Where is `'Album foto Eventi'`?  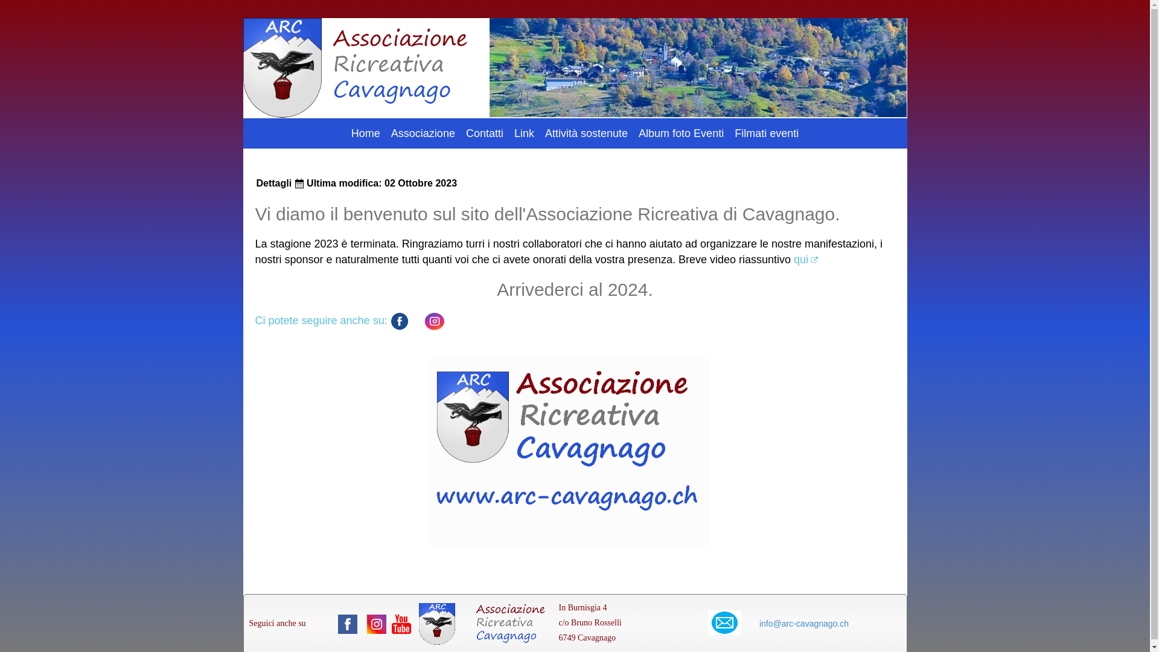 'Album foto Eventi' is located at coordinates (681, 133).